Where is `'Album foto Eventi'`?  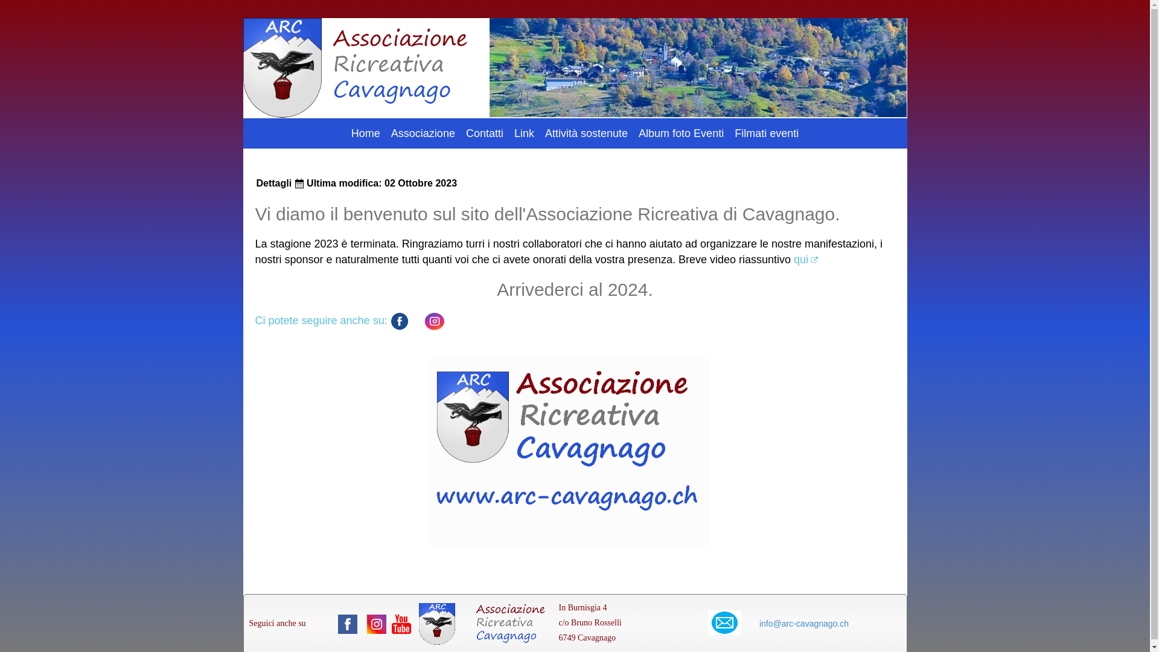 'Album foto Eventi' is located at coordinates (681, 133).